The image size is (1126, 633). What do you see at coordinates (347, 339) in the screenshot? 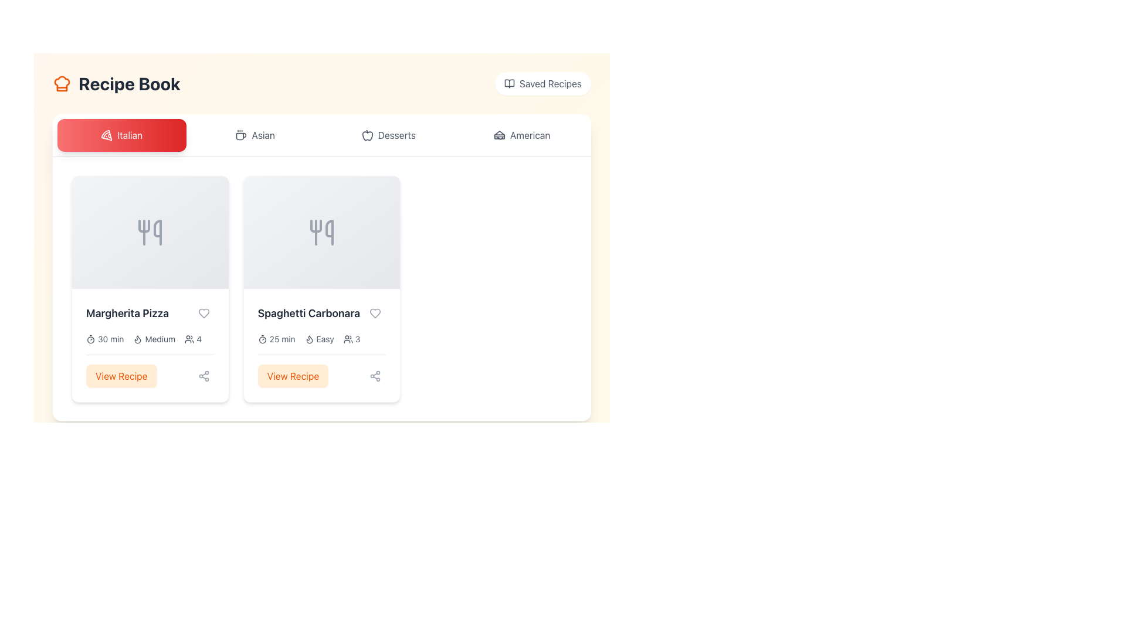
I see `the user silhouettes icon representing a group, located in the 'Spaghetti Carbonara' recipe card, positioned to the left of the number '3'` at bounding box center [347, 339].